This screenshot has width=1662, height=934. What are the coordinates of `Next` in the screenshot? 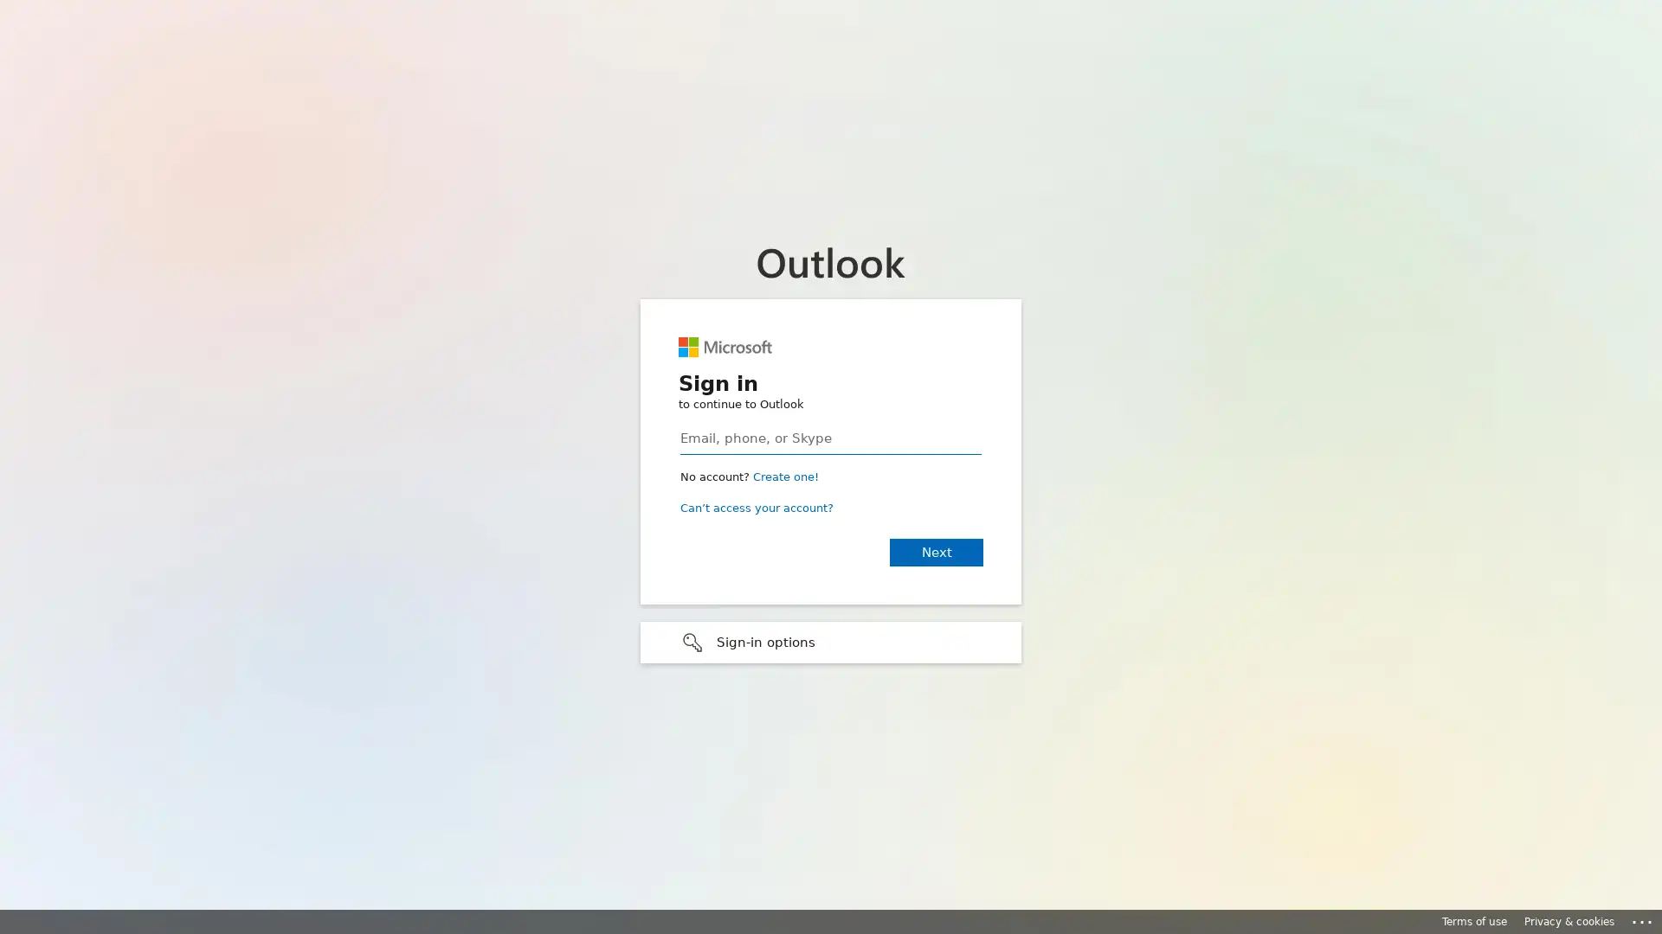 It's located at (935, 551).